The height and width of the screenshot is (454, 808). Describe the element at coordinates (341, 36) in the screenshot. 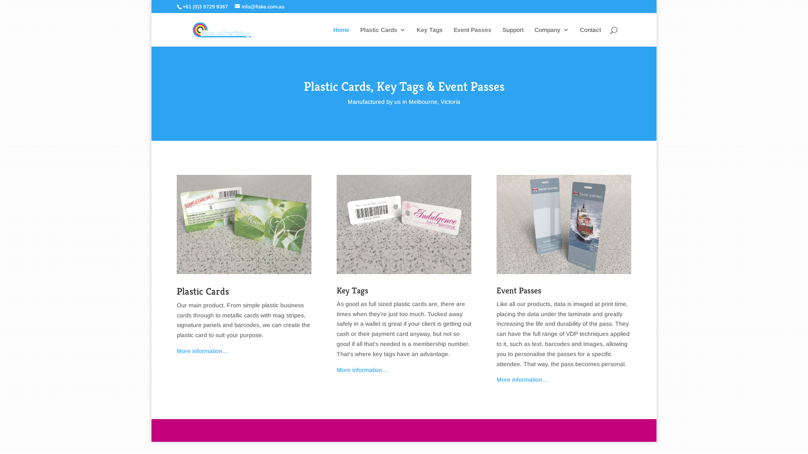

I see `'Home'` at that location.